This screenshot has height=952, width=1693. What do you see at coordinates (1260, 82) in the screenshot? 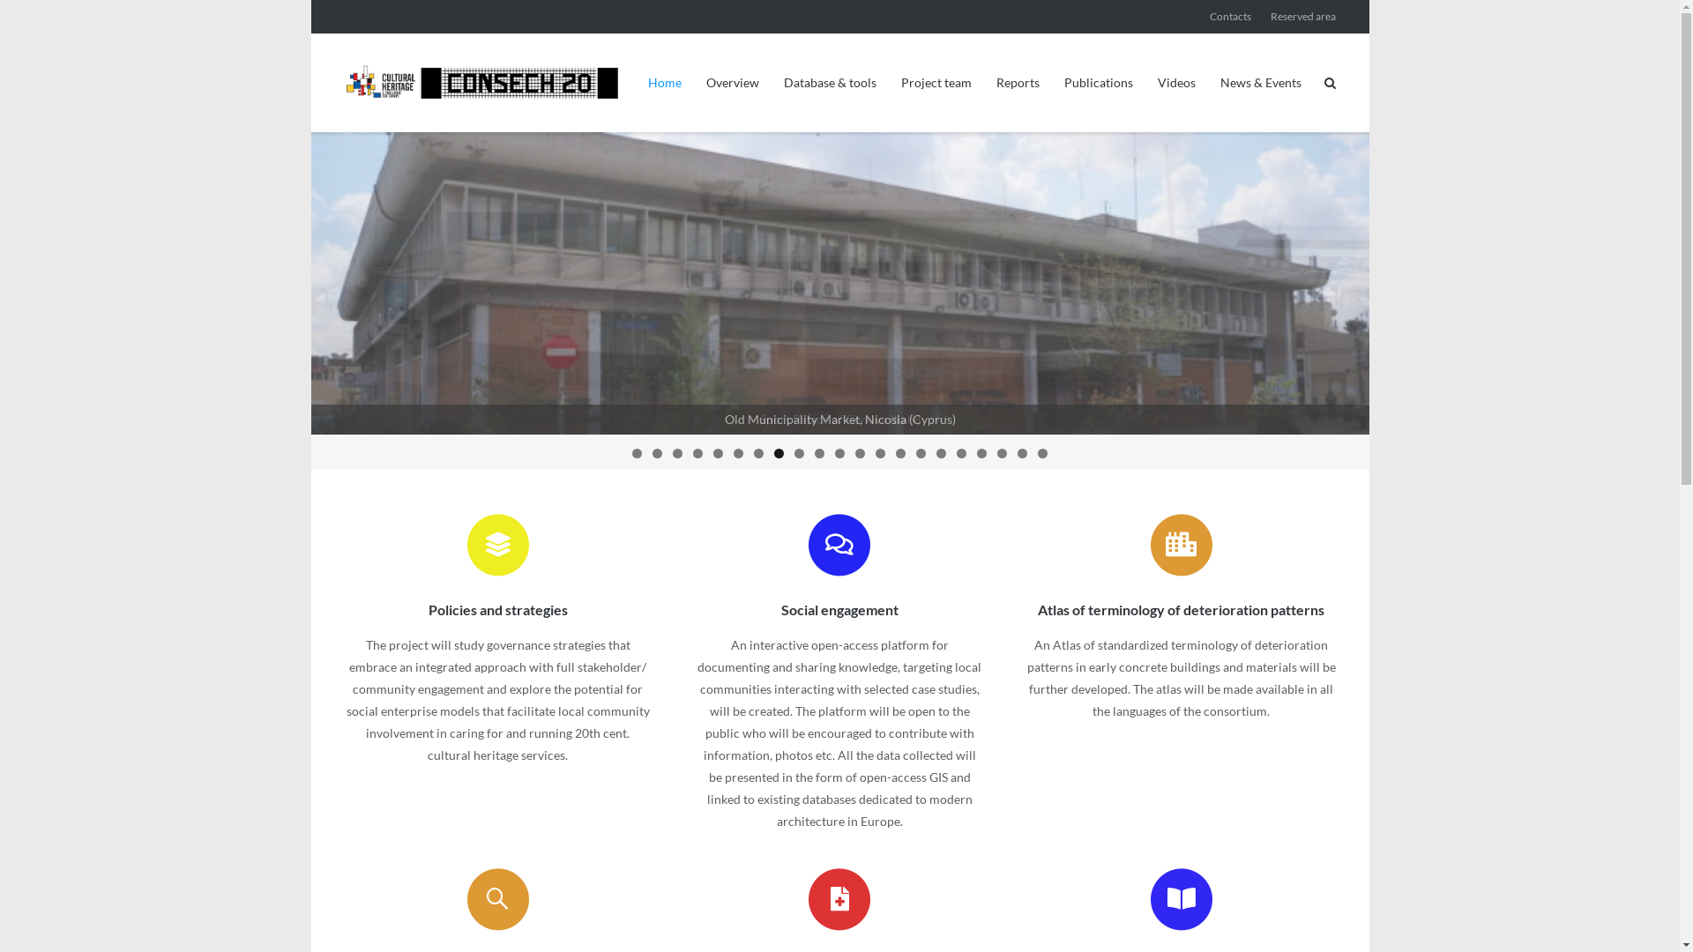
I see `'News & Events'` at bounding box center [1260, 82].